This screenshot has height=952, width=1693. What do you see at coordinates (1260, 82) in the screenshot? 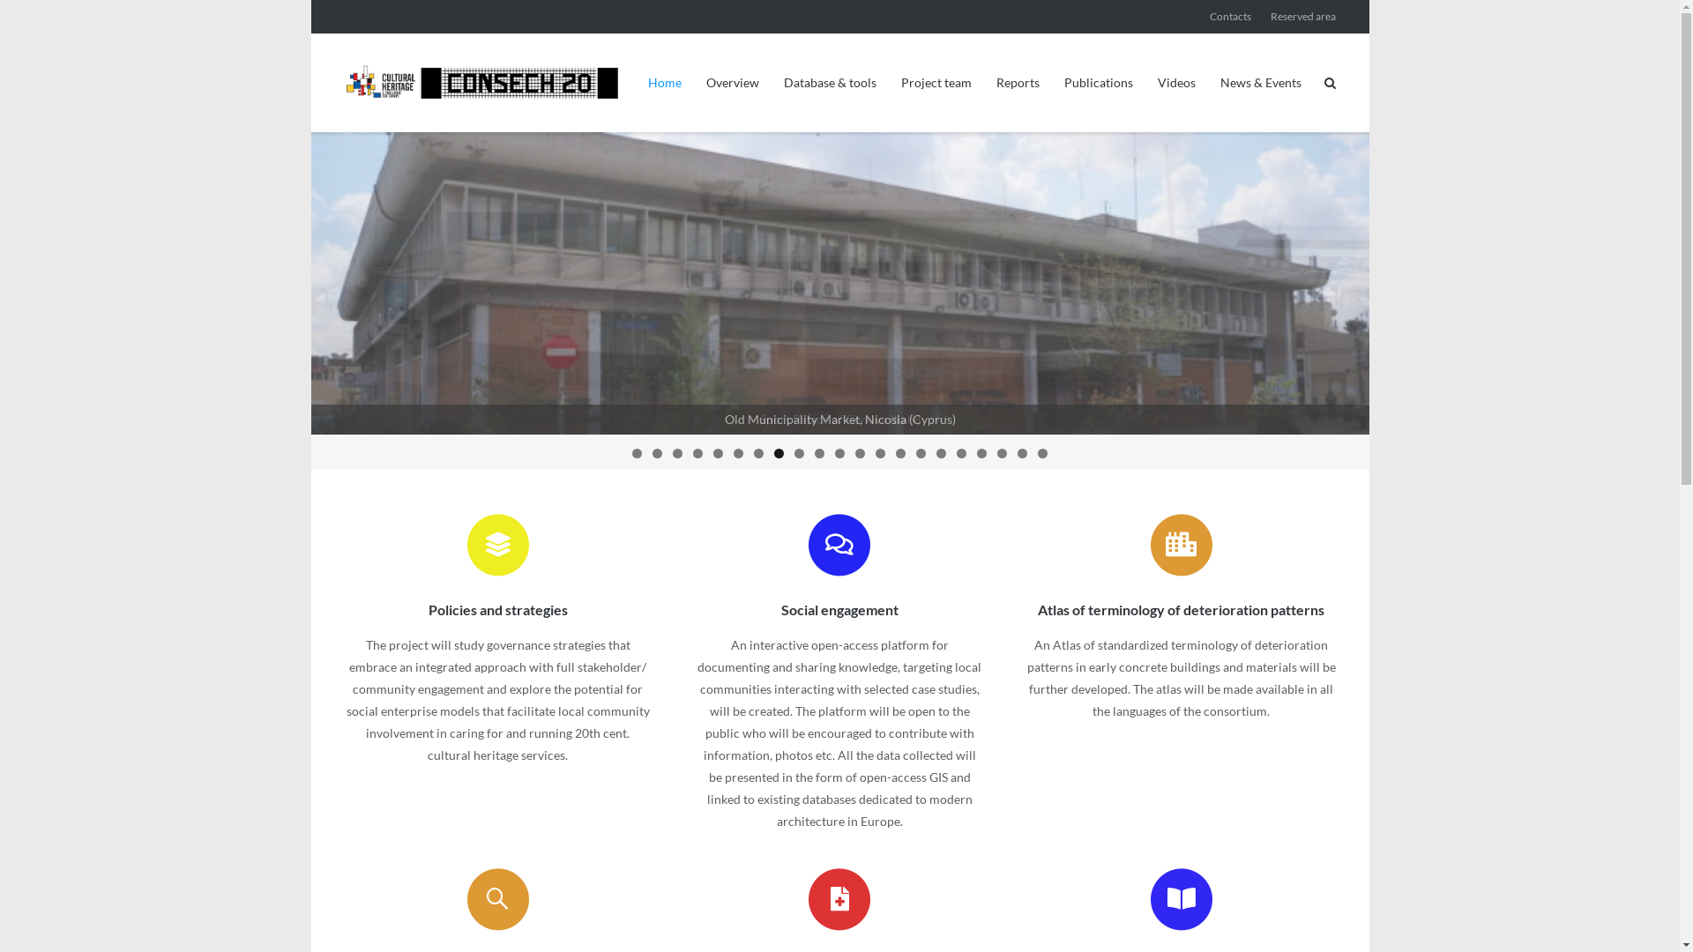
I see `'News & Events'` at bounding box center [1260, 82].